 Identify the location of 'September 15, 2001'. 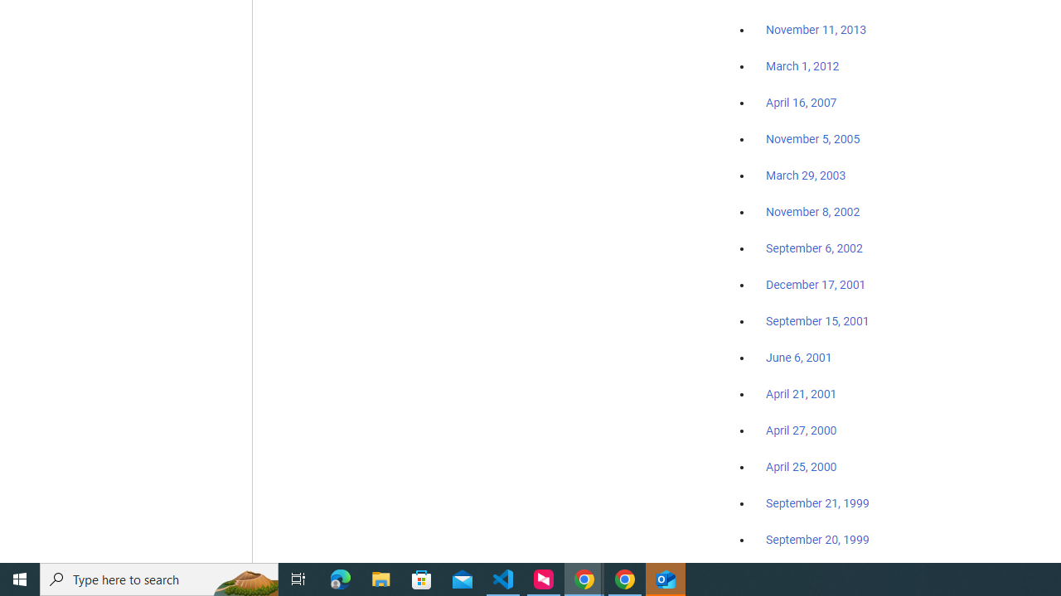
(817, 320).